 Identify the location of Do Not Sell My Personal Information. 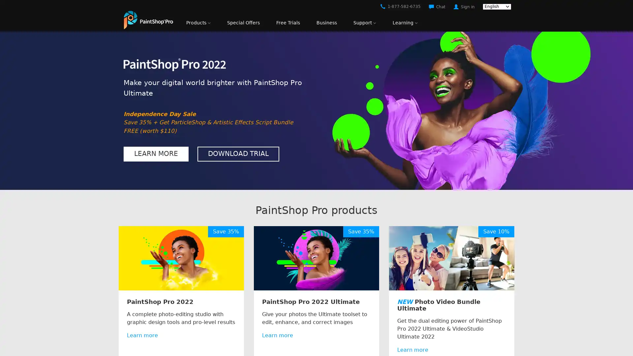
(459, 337).